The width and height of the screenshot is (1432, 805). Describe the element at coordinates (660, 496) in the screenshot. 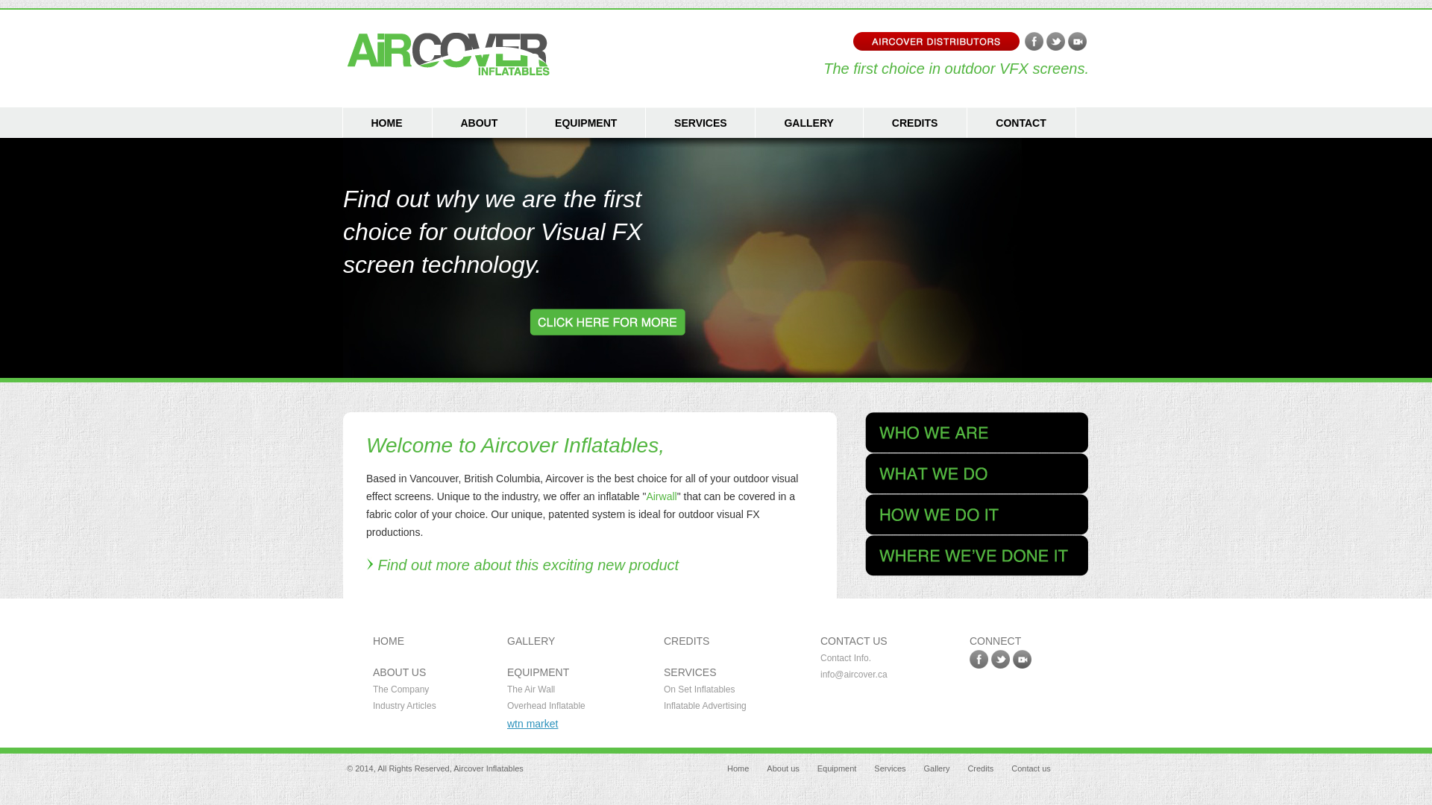

I see `'Airwall'` at that location.